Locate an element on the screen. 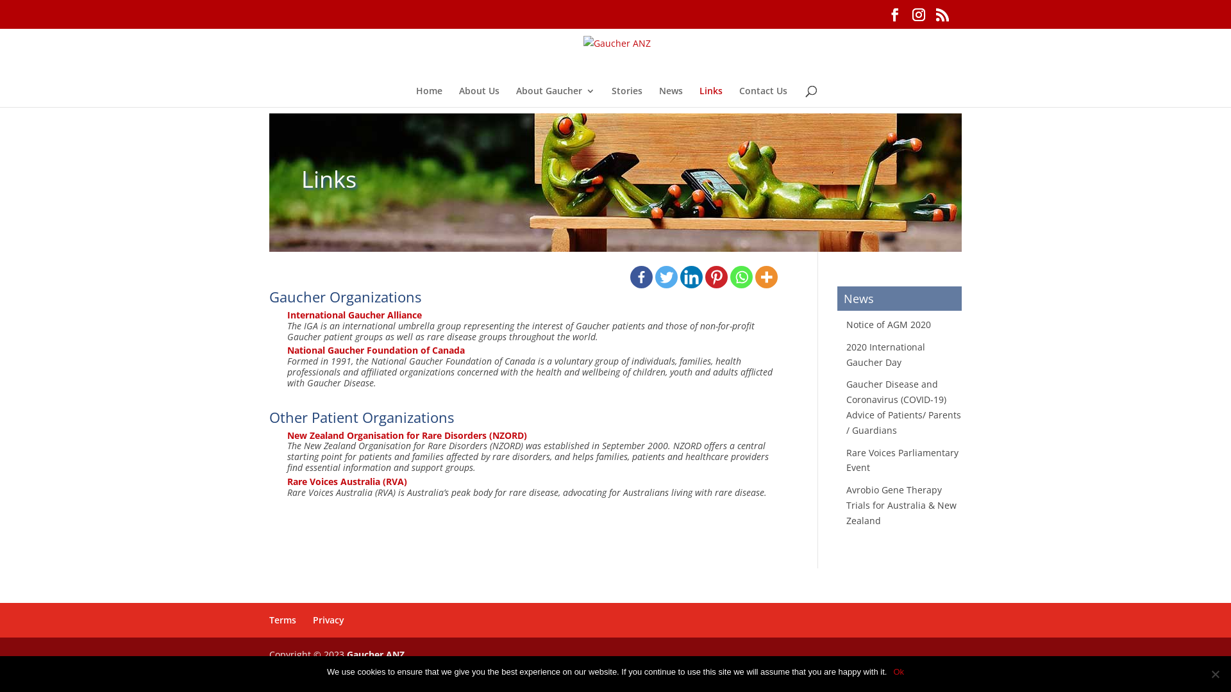  'Notice of AGM 2020' is located at coordinates (846, 324).